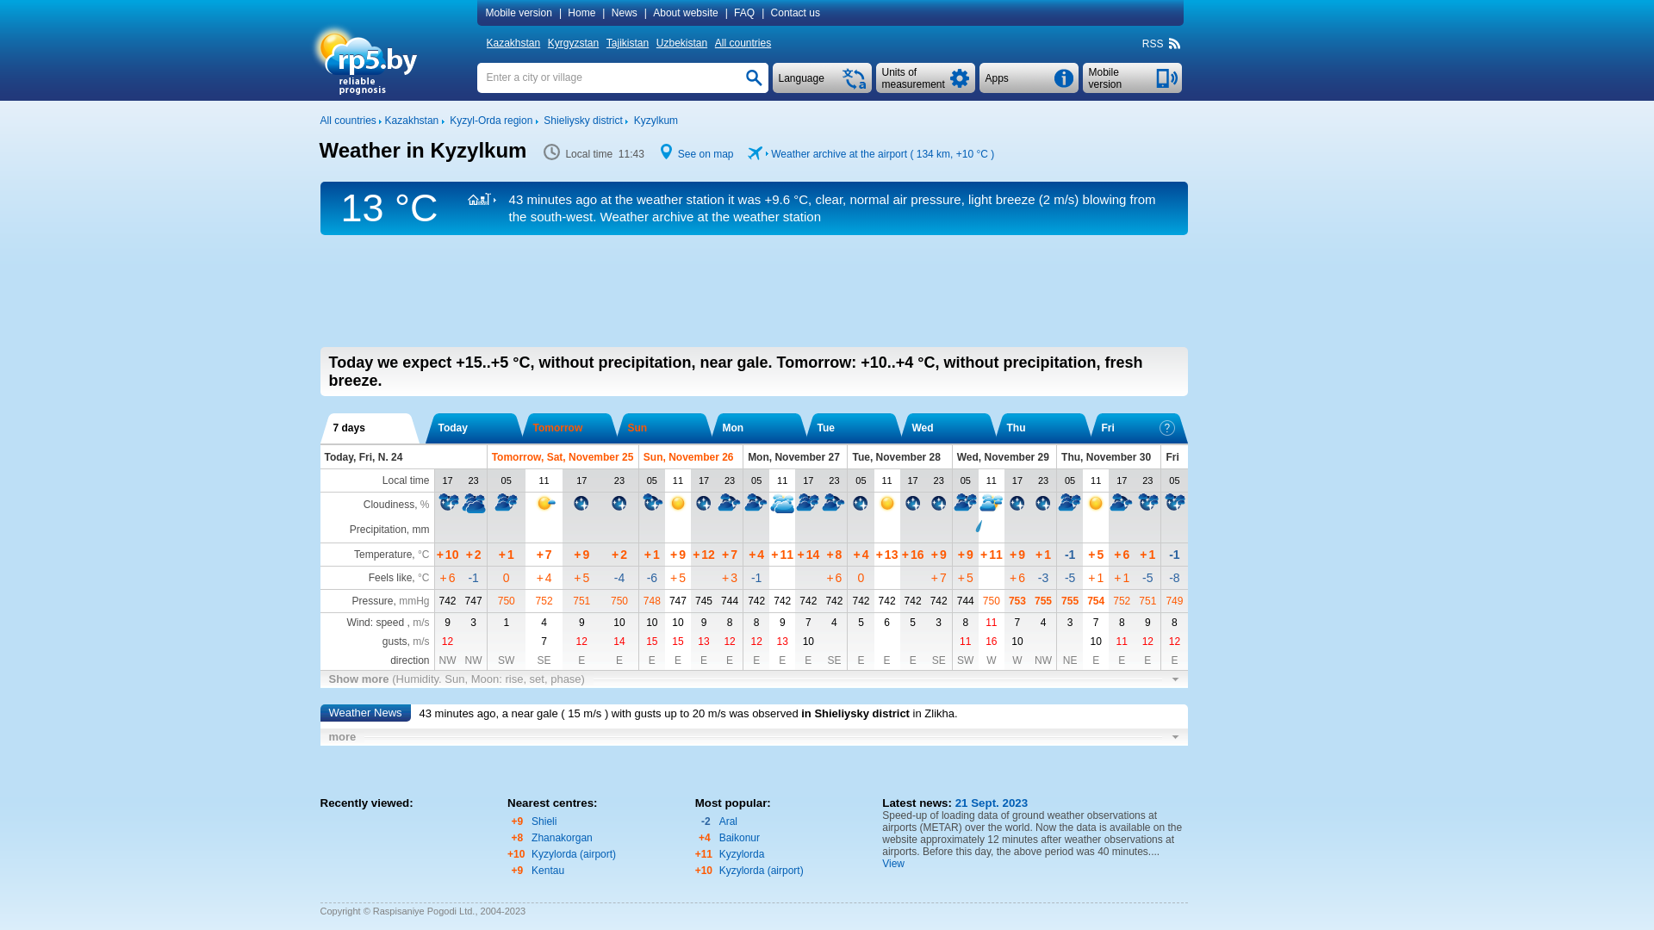 Image resolution: width=1654 pixels, height=930 pixels. What do you see at coordinates (758, 427) in the screenshot?
I see `'Mon'` at bounding box center [758, 427].